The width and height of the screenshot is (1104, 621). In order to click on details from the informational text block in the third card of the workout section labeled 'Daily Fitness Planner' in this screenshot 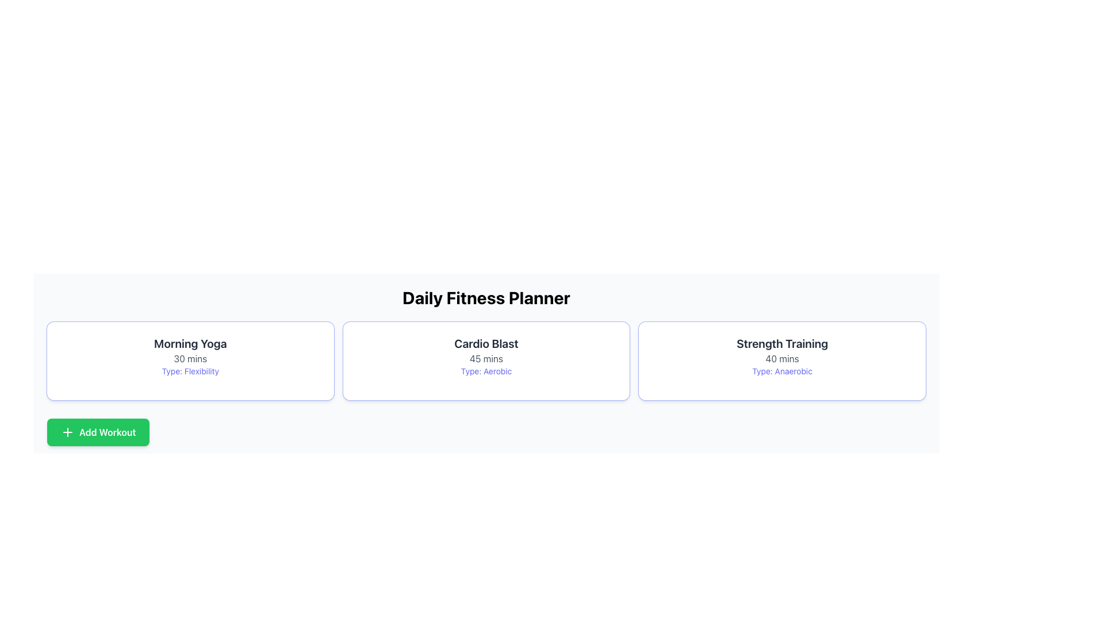, I will do `click(782, 356)`.